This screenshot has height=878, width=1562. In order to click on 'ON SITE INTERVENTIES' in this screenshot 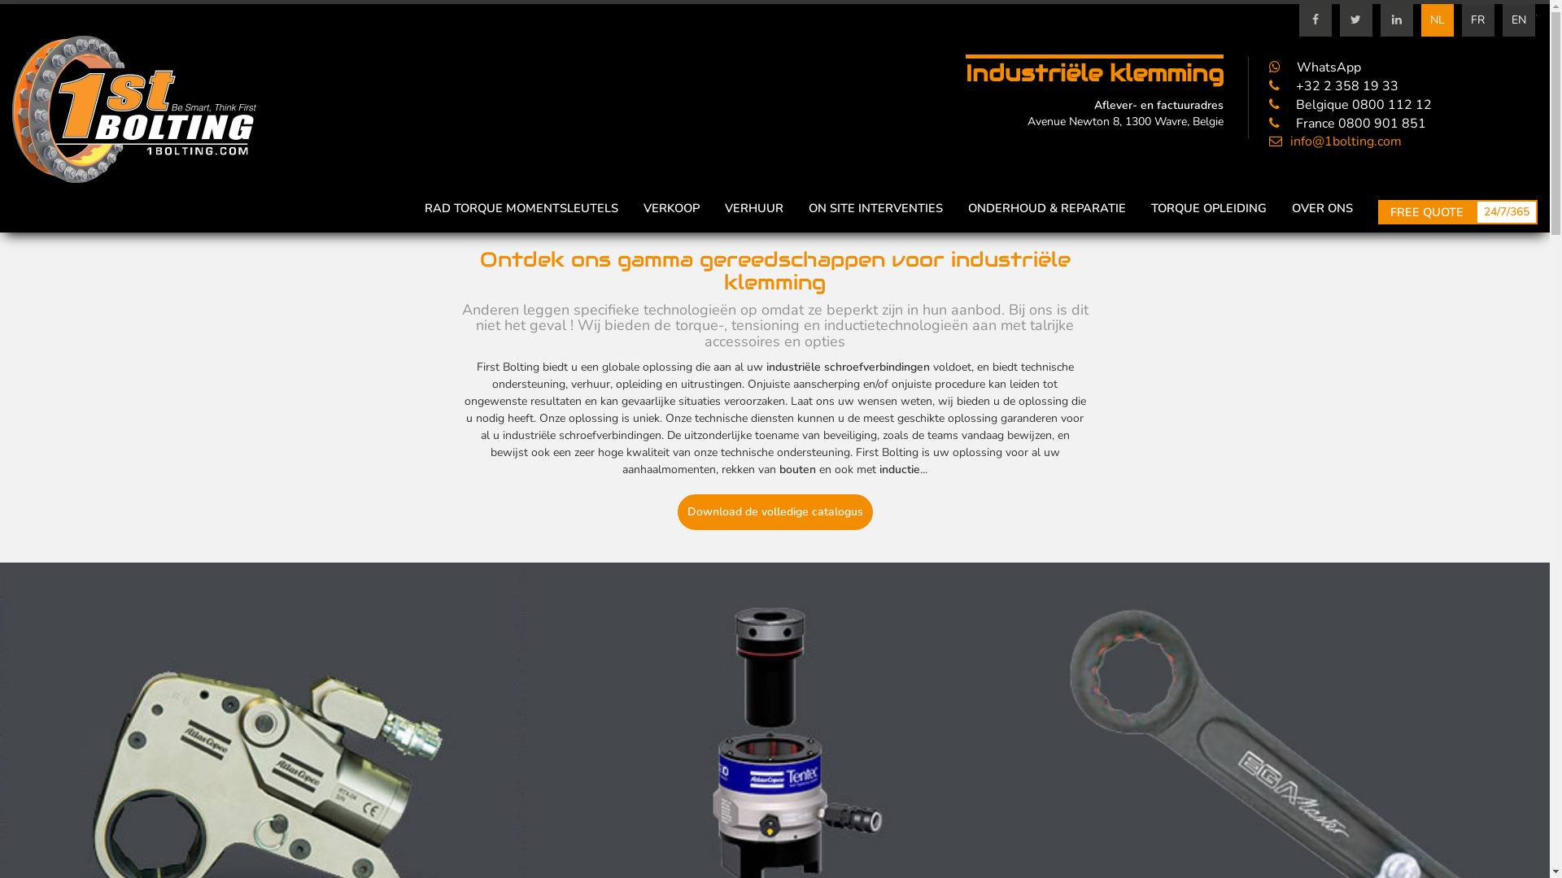, I will do `click(875, 206)`.